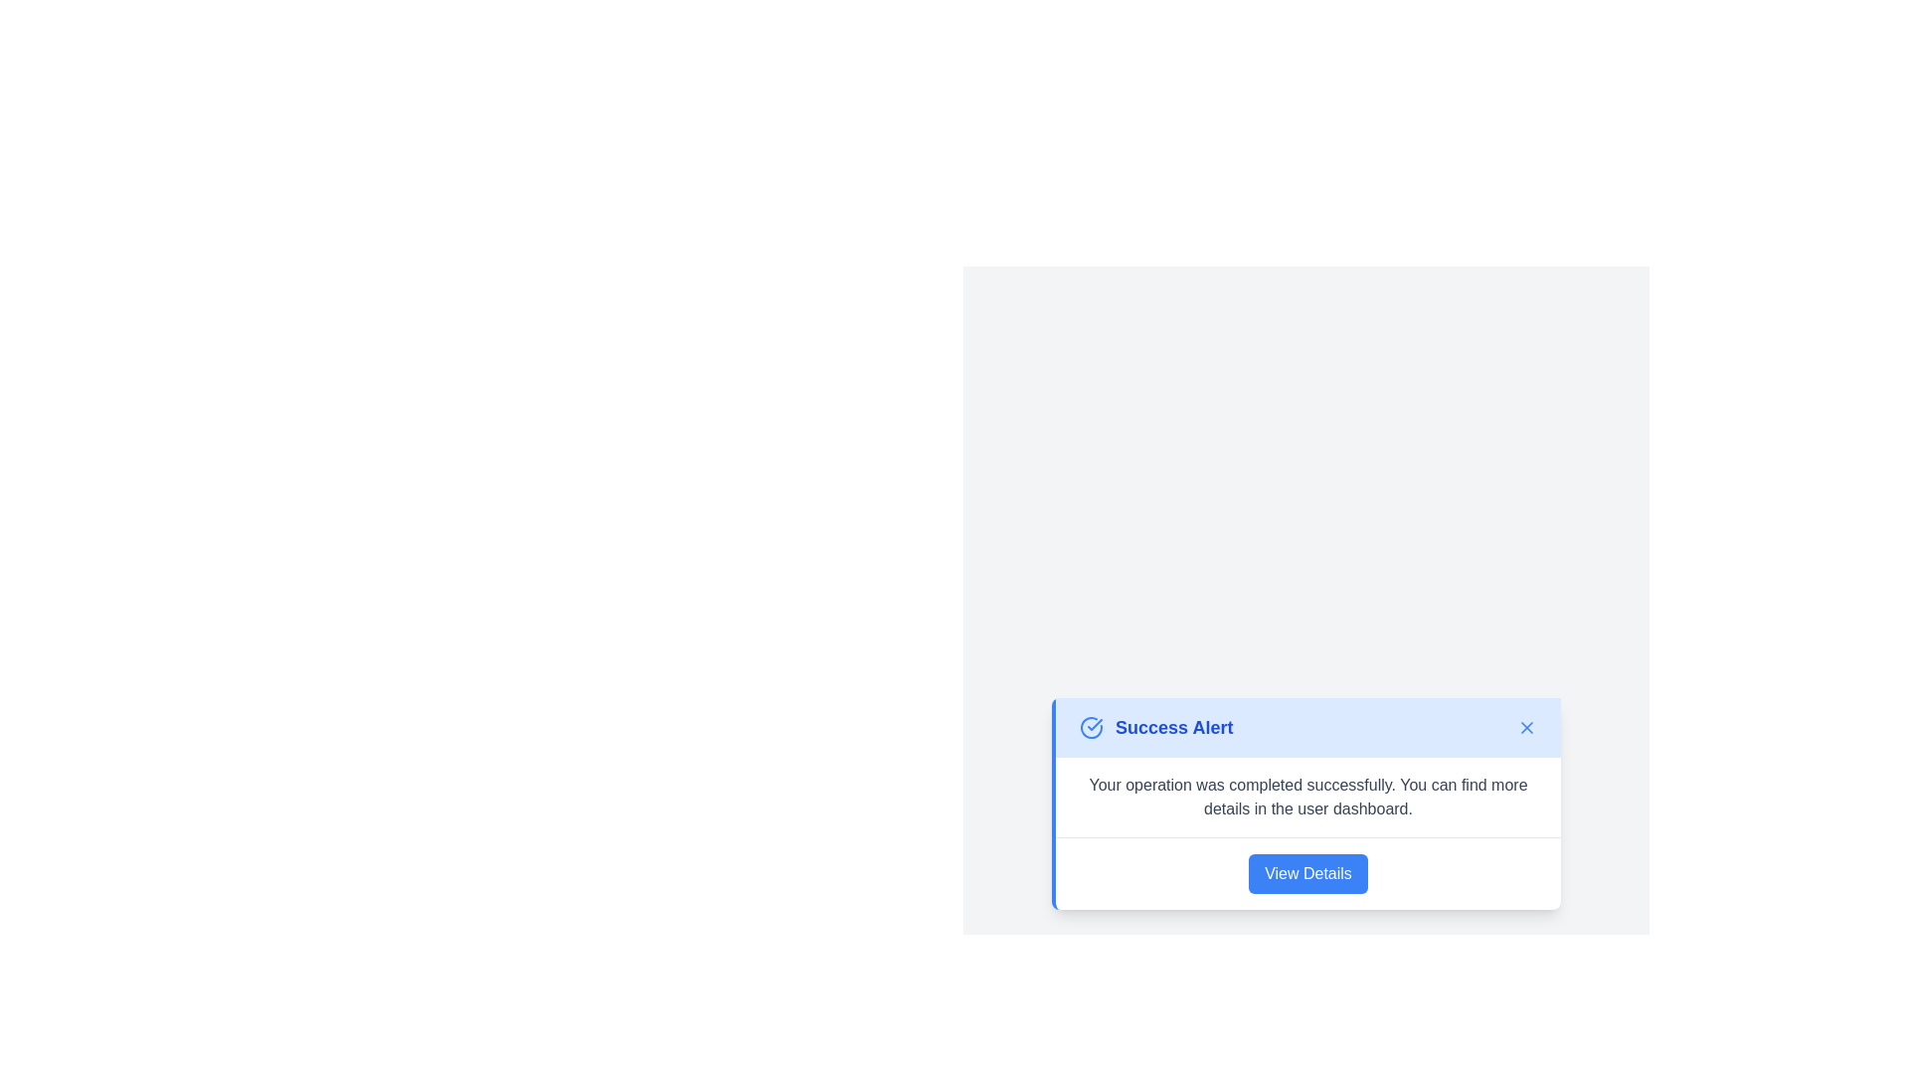 This screenshot has height=1074, width=1909. I want to click on checkmark icon indicating successful completion of an action, located at the leftmost part of the success alert banner, so click(1091, 727).